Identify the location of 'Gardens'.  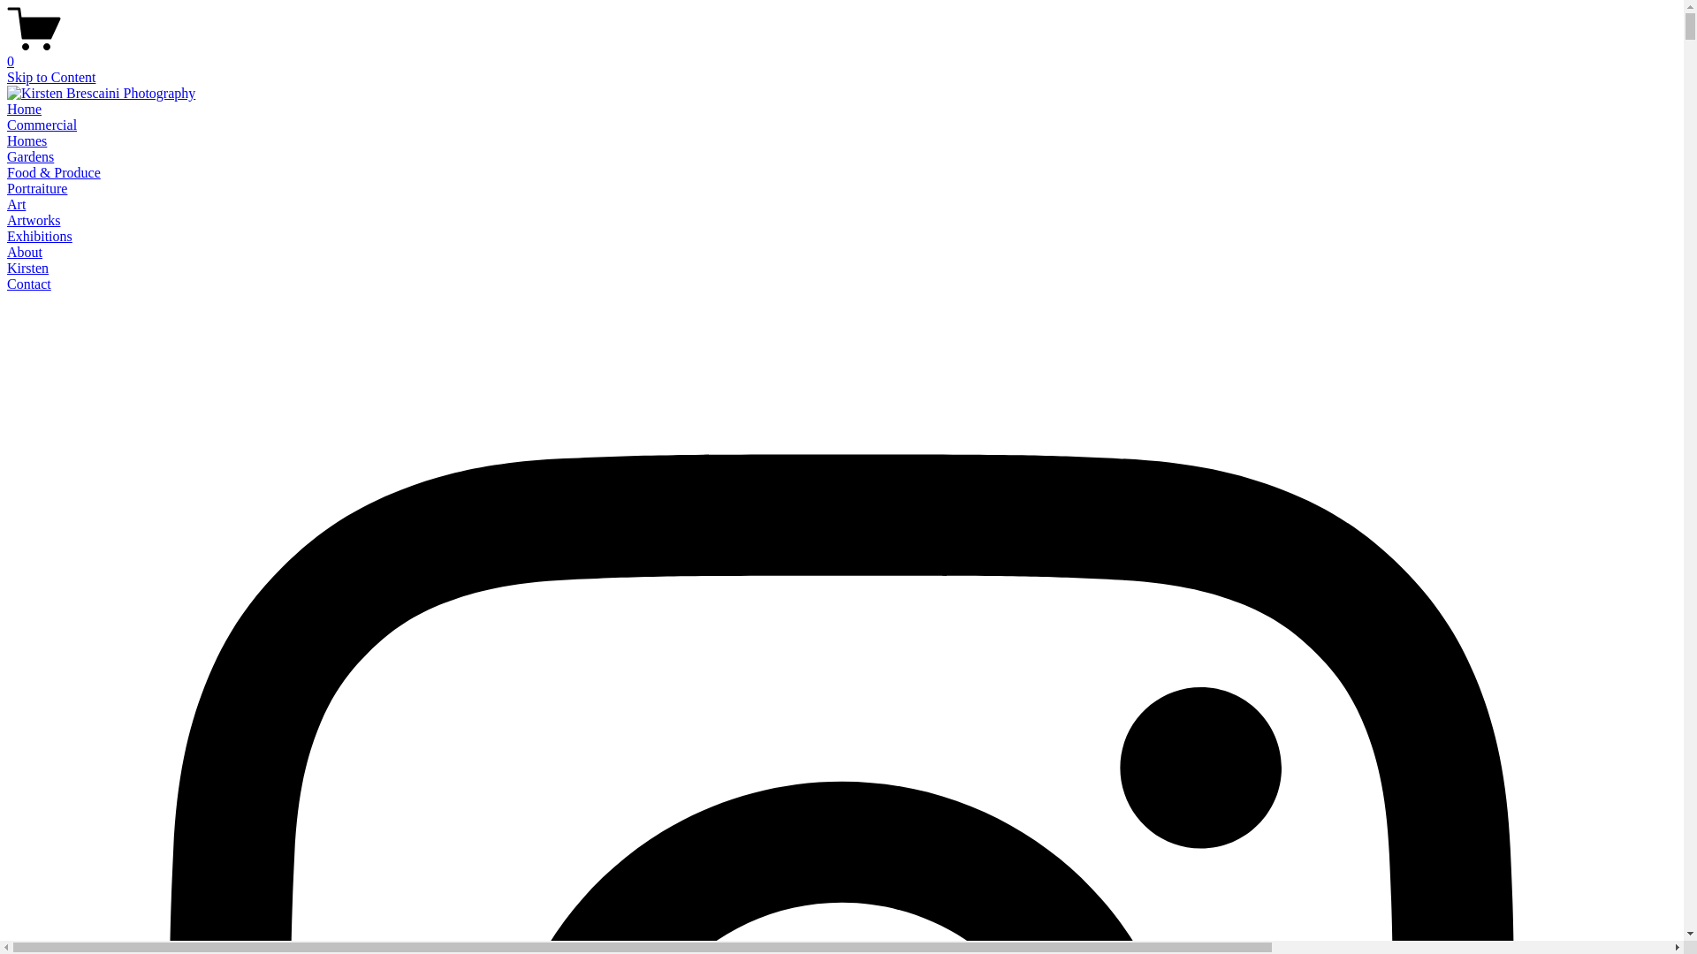
(30, 155).